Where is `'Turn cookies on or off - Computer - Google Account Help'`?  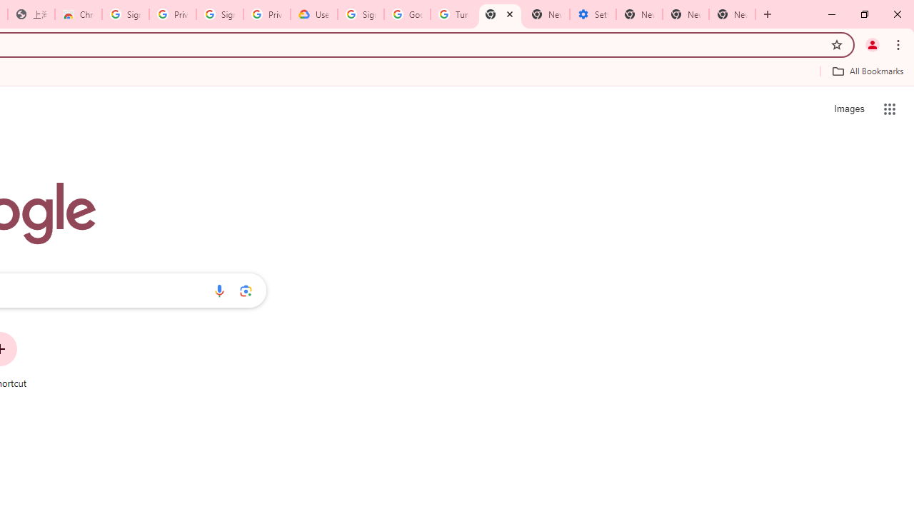 'Turn cookies on or off - Computer - Google Account Help' is located at coordinates (453, 14).